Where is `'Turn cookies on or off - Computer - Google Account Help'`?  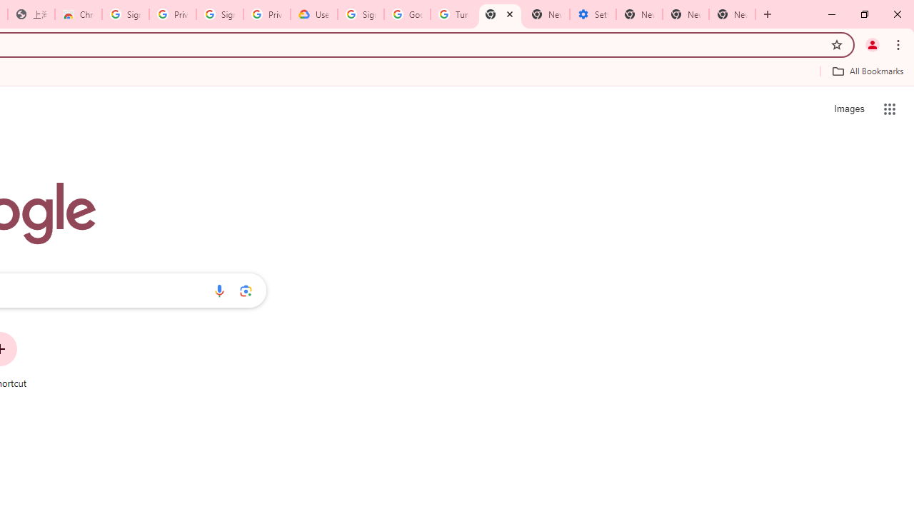 'Turn cookies on or off - Computer - Google Account Help' is located at coordinates (453, 14).